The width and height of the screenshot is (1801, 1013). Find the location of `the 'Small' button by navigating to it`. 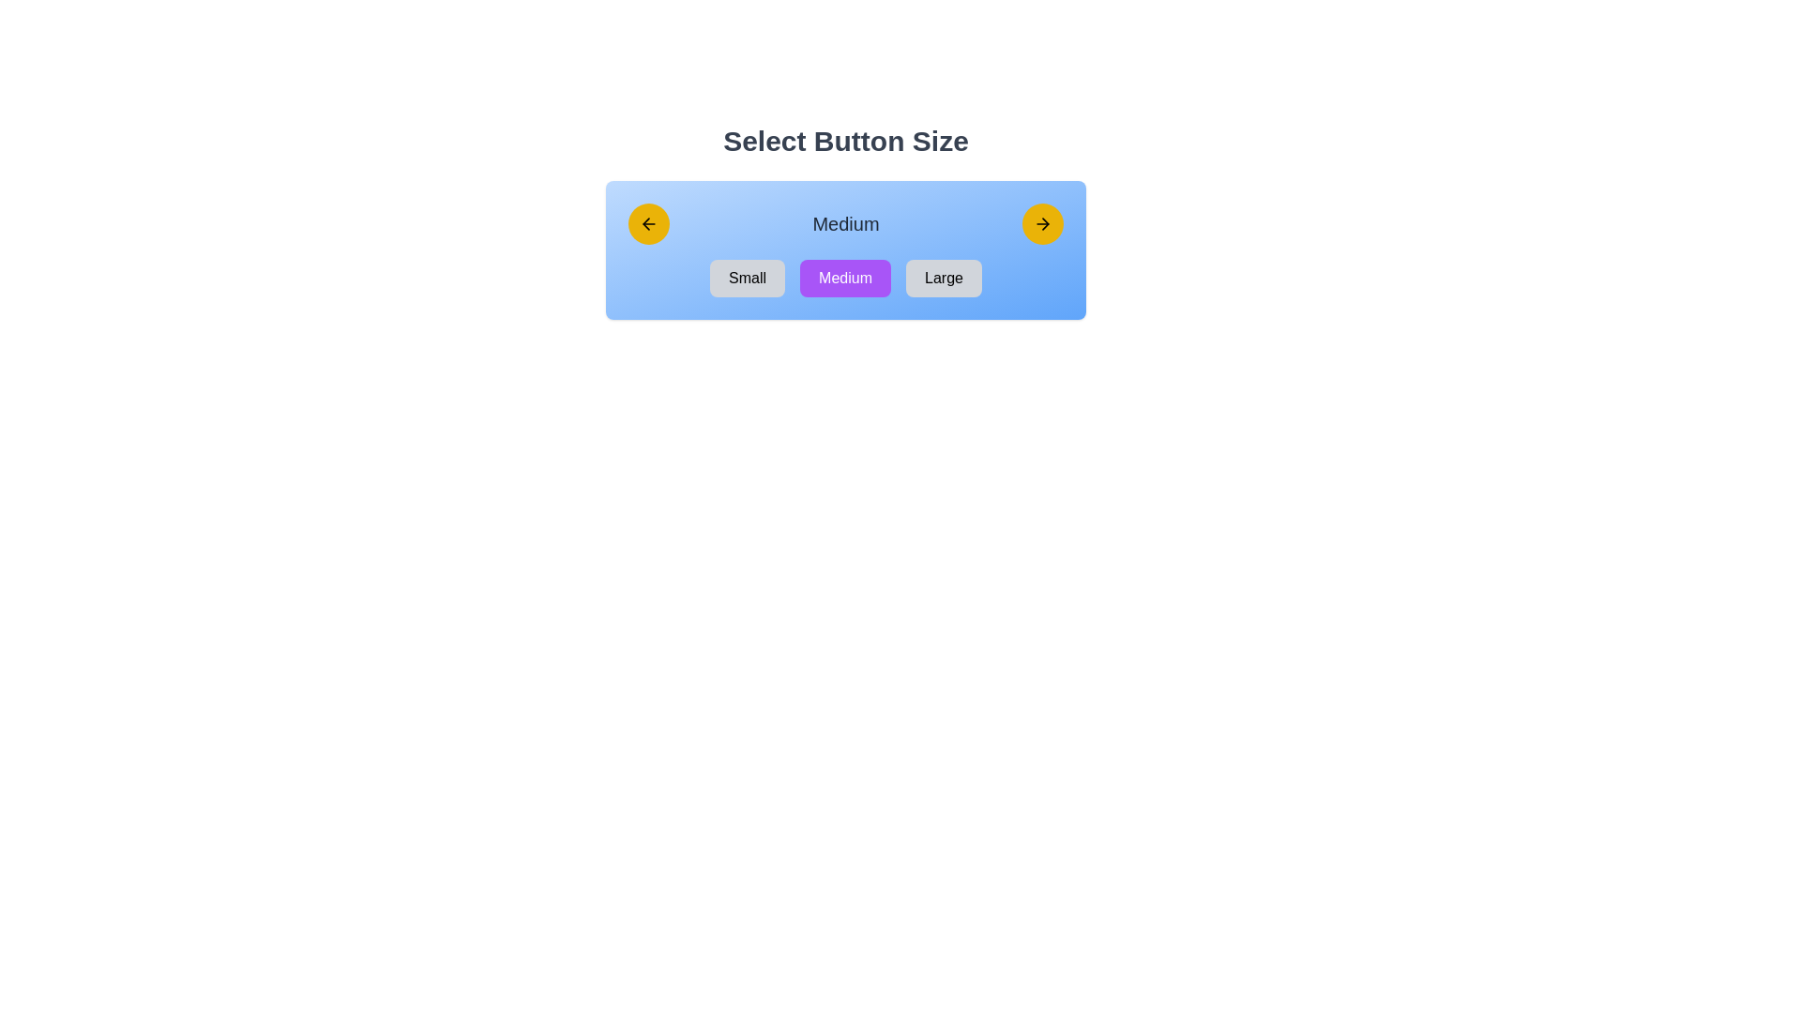

the 'Small' button by navigating to it is located at coordinates (747, 279).